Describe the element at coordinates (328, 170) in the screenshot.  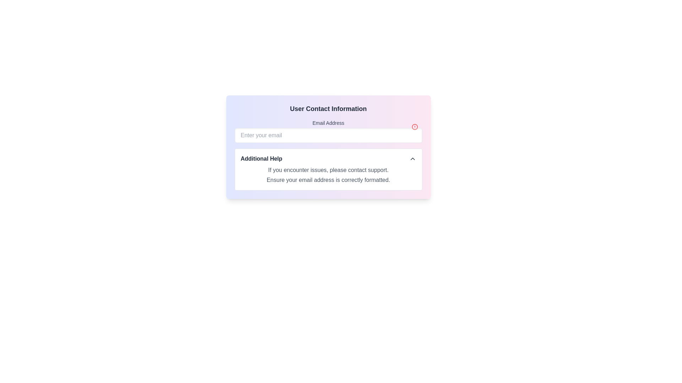
I see `the text label that says 'If you encounter issues, please contact support.' located beneath the 'Additional Help' header` at that location.